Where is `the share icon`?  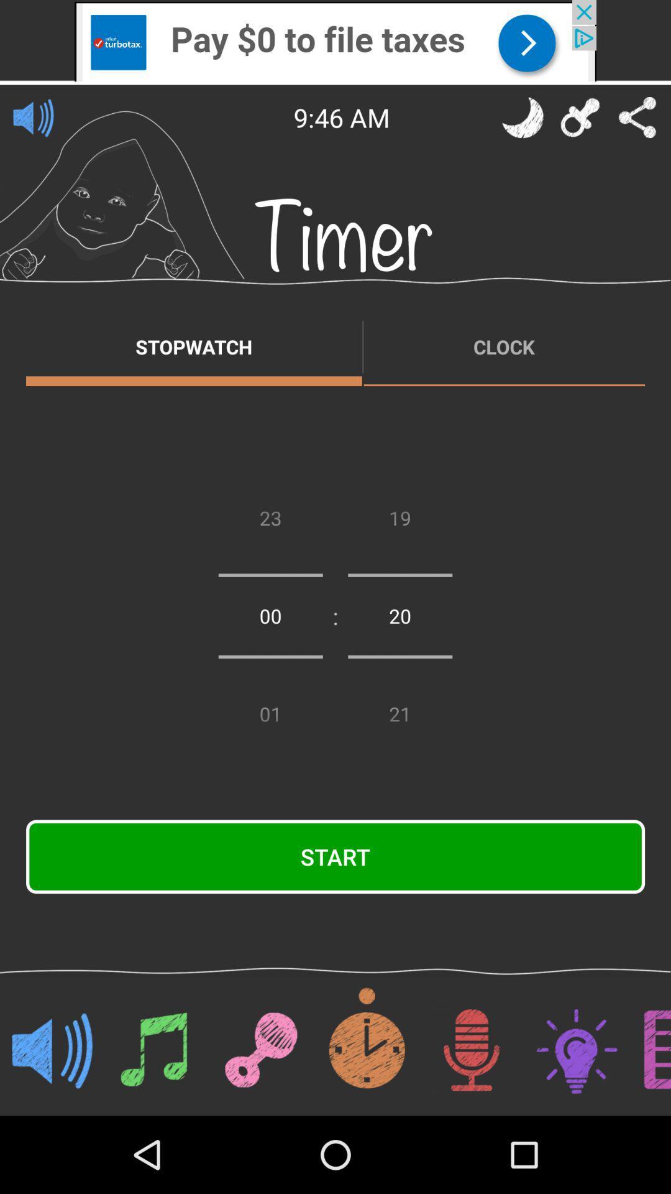
the share icon is located at coordinates (637, 117).